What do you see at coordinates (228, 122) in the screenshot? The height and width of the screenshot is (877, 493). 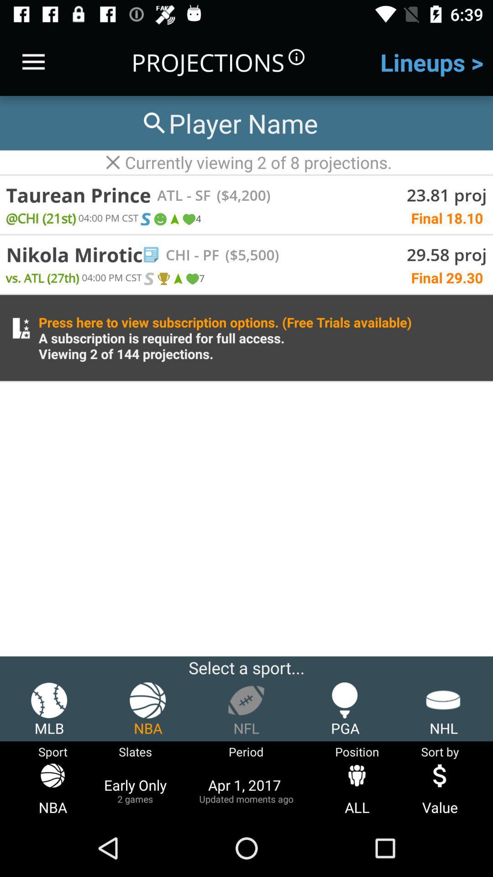 I see `search player name type bar` at bounding box center [228, 122].